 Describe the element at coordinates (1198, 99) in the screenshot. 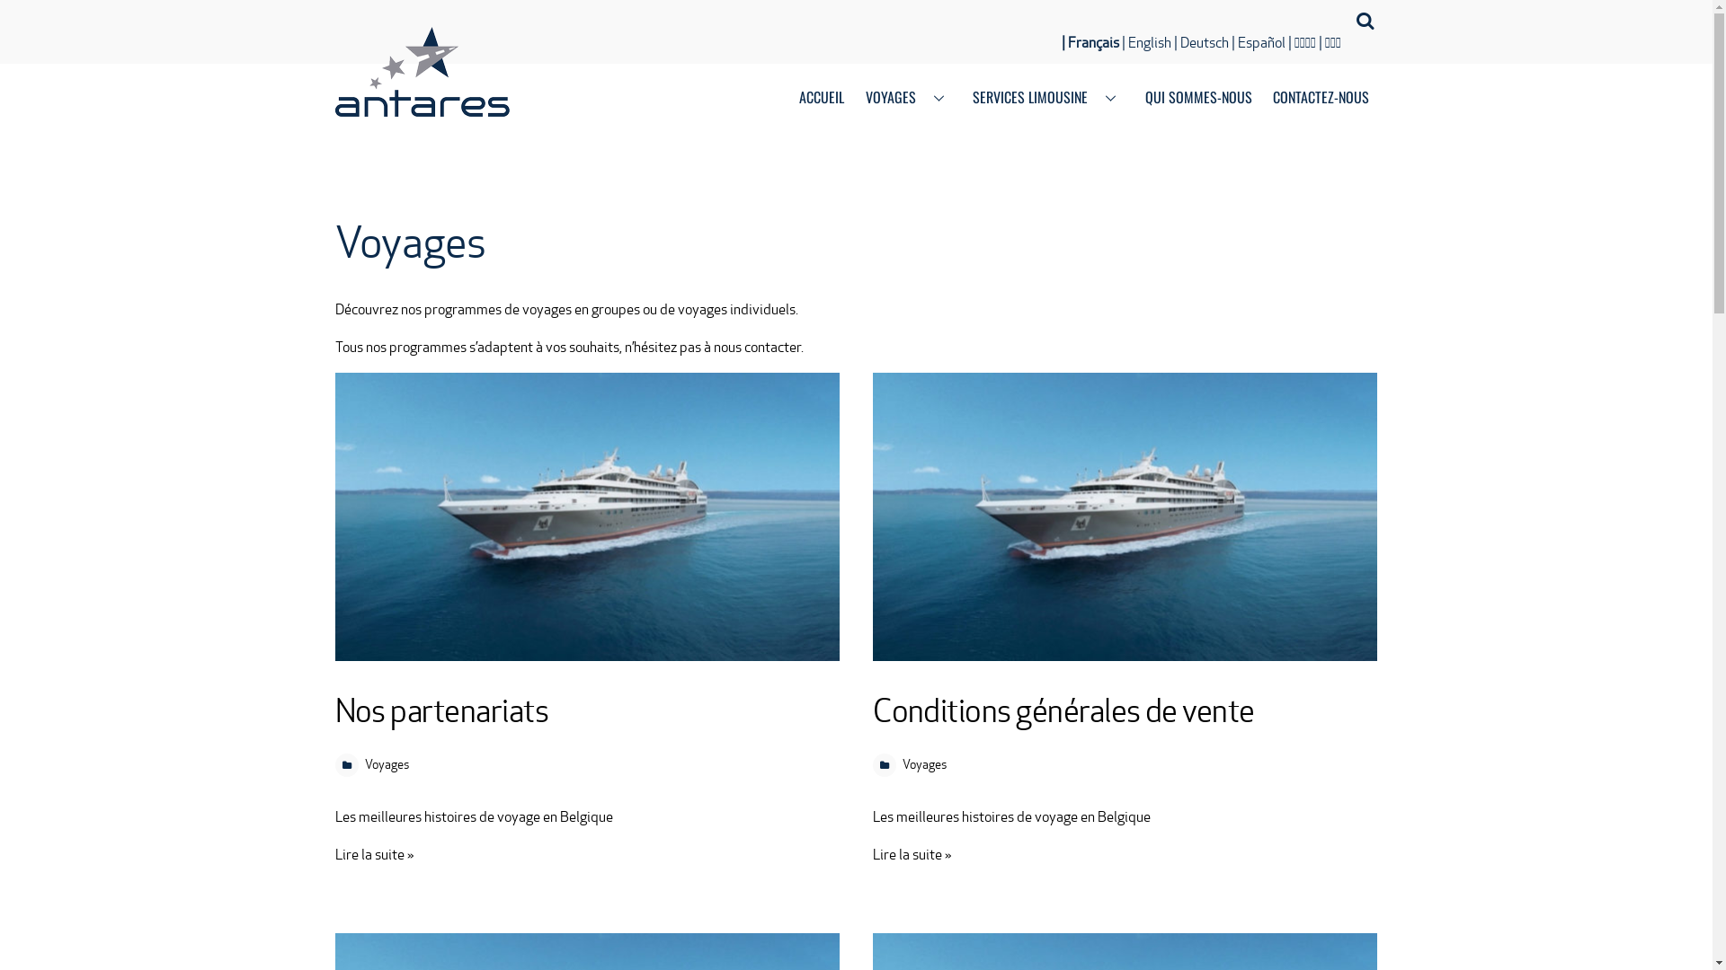

I see `'QUI SOMMES-NOUS'` at that location.